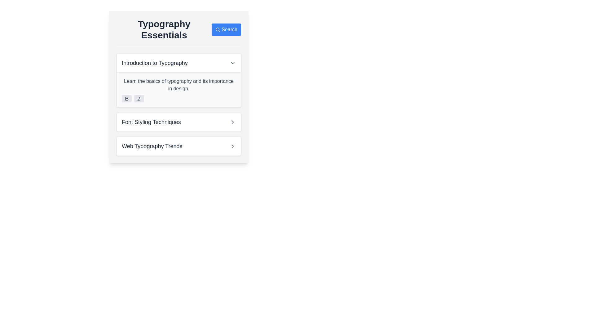  What do you see at coordinates (139, 98) in the screenshot?
I see `the second interactive button styled with a gray background and rounded corners, which contains a stylized italic letter 'I' icon, located under the 'Introduction to Typography' section` at bounding box center [139, 98].